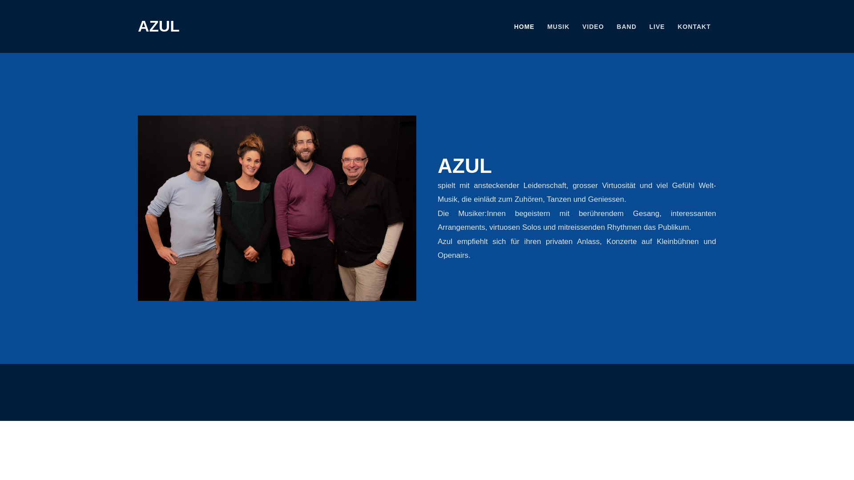 The width and height of the screenshot is (854, 480). I want to click on 'AZUL', so click(158, 25).